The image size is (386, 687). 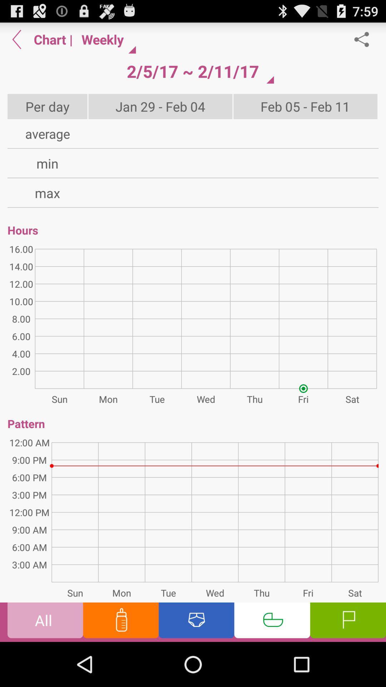 What do you see at coordinates (365, 39) in the screenshot?
I see `share the chart` at bounding box center [365, 39].